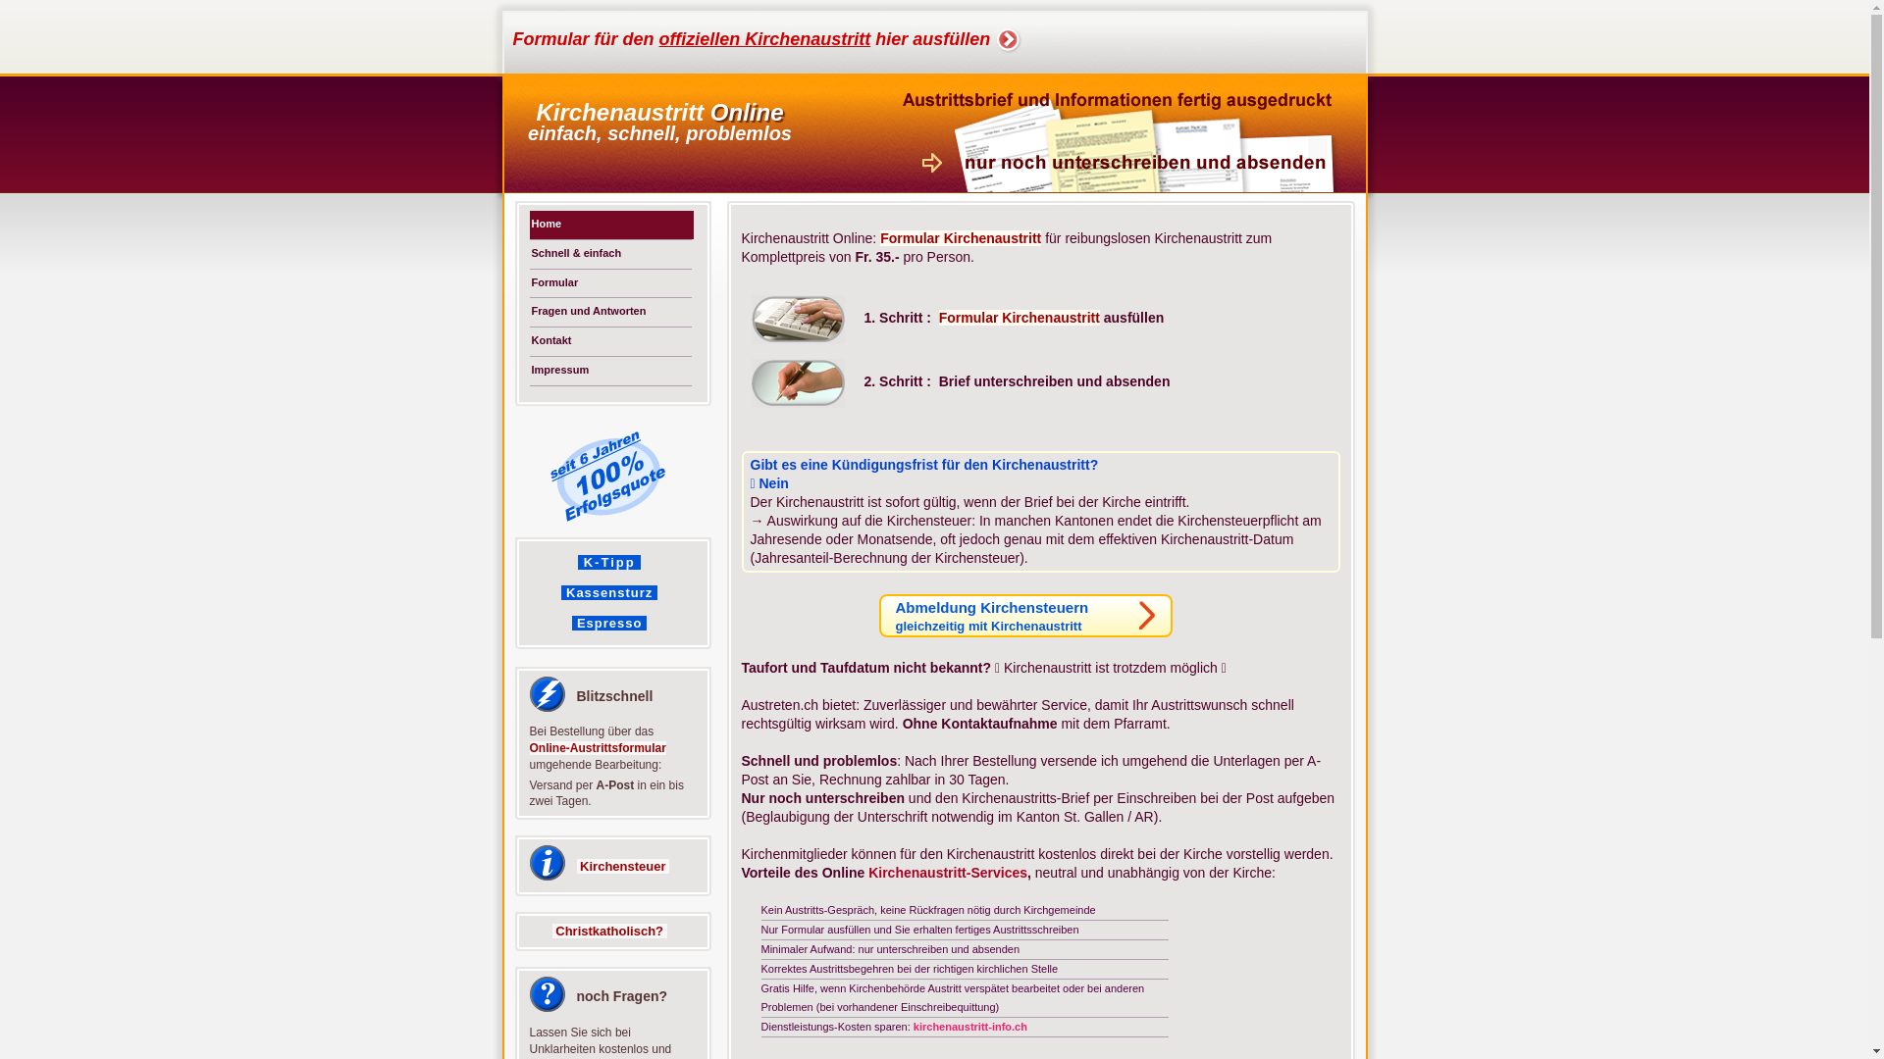 Image resolution: width=1884 pixels, height=1059 pixels. Describe the element at coordinates (610, 340) in the screenshot. I see `'Kontakt'` at that location.